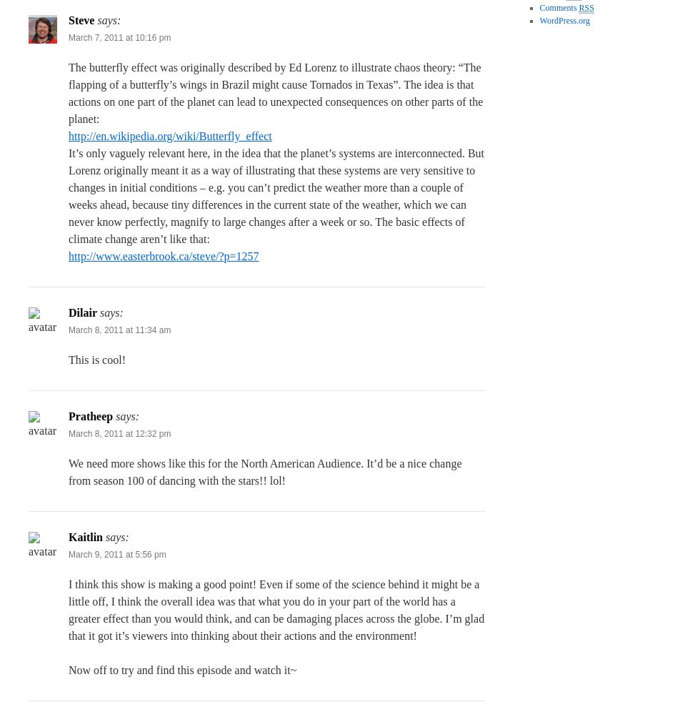 The width and height of the screenshot is (700, 717). I want to click on 'This is cool!', so click(97, 359).